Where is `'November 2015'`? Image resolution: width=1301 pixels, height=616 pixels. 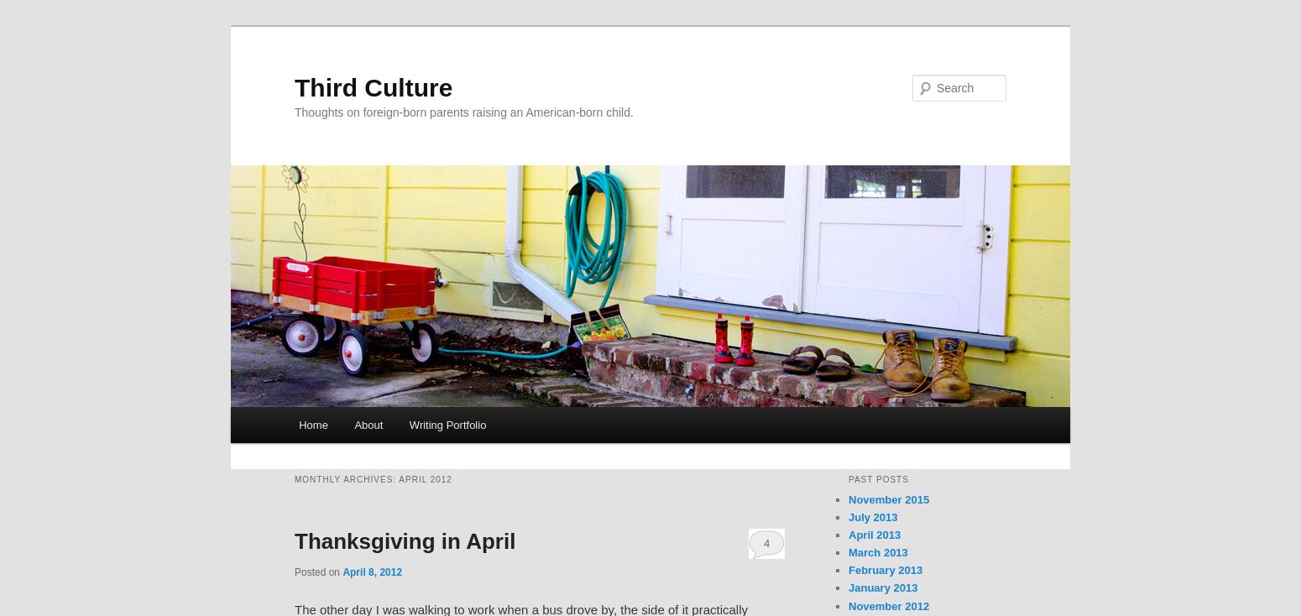 'November 2015' is located at coordinates (888, 499).